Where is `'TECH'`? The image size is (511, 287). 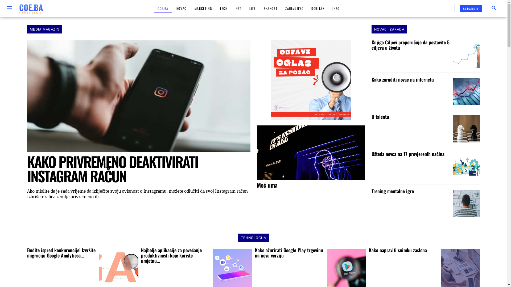 'TECH' is located at coordinates (224, 8).